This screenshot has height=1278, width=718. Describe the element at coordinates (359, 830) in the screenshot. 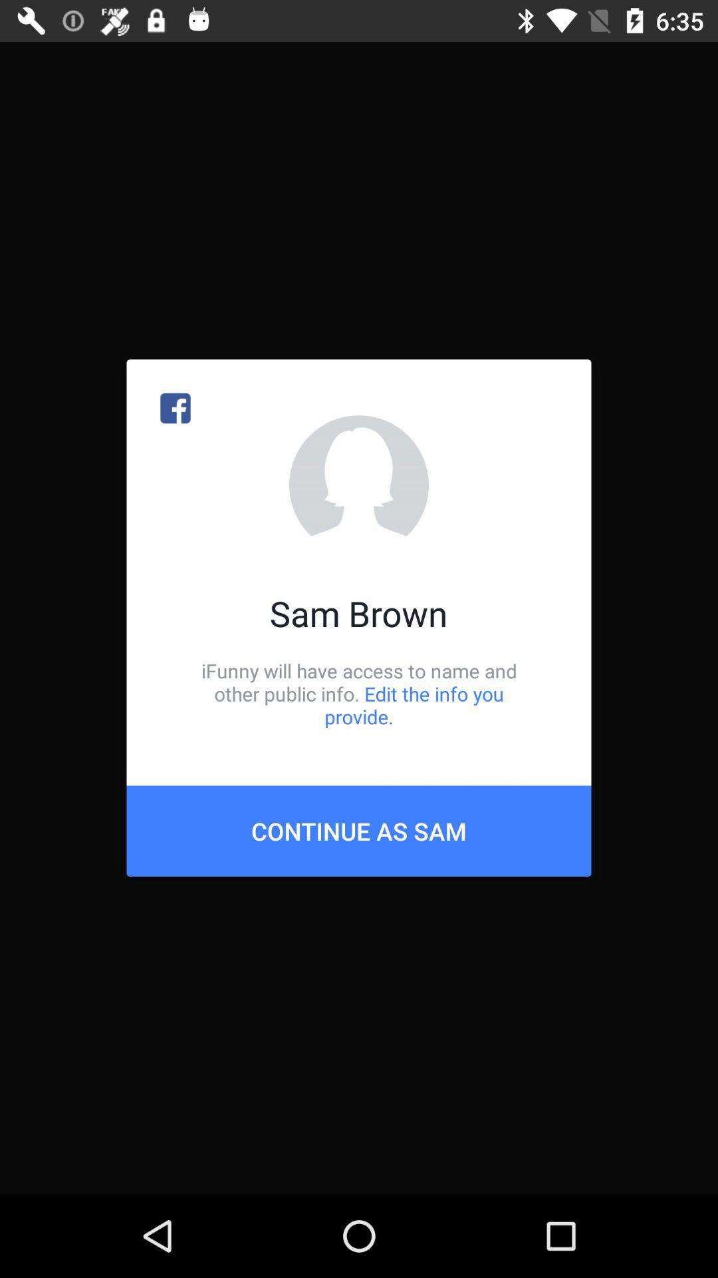

I see `the continue as sam item` at that location.